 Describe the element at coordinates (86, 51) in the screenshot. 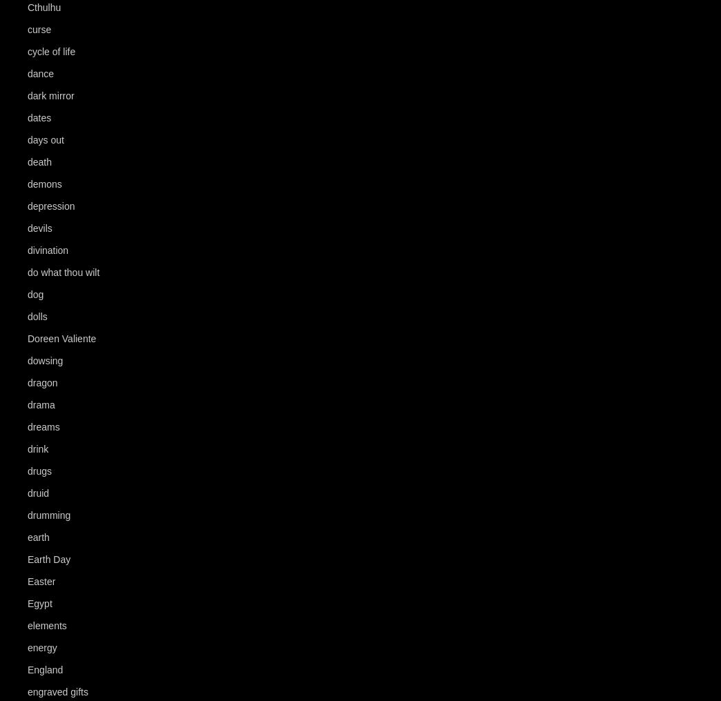

I see `'(40)'` at that location.